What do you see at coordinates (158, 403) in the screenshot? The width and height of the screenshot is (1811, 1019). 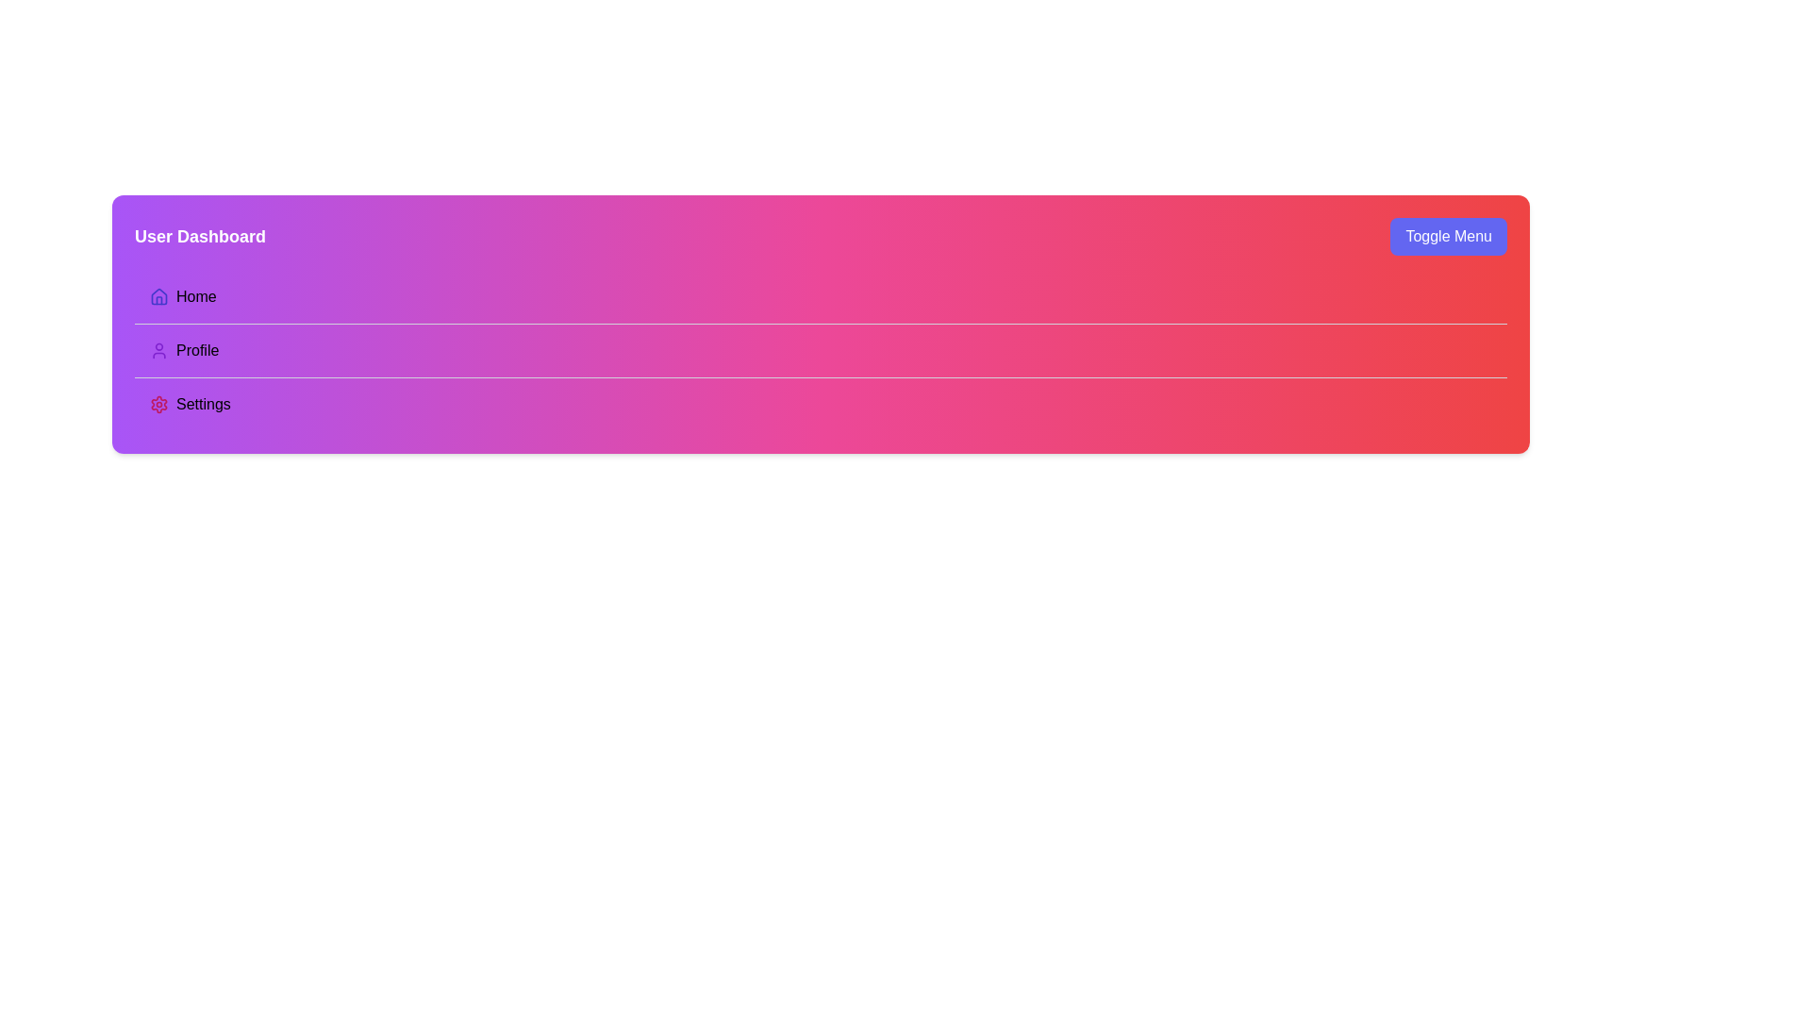 I see `the settings-related icon located to the left of the 'Settings' label in the third row of the sidebar menu` at bounding box center [158, 403].